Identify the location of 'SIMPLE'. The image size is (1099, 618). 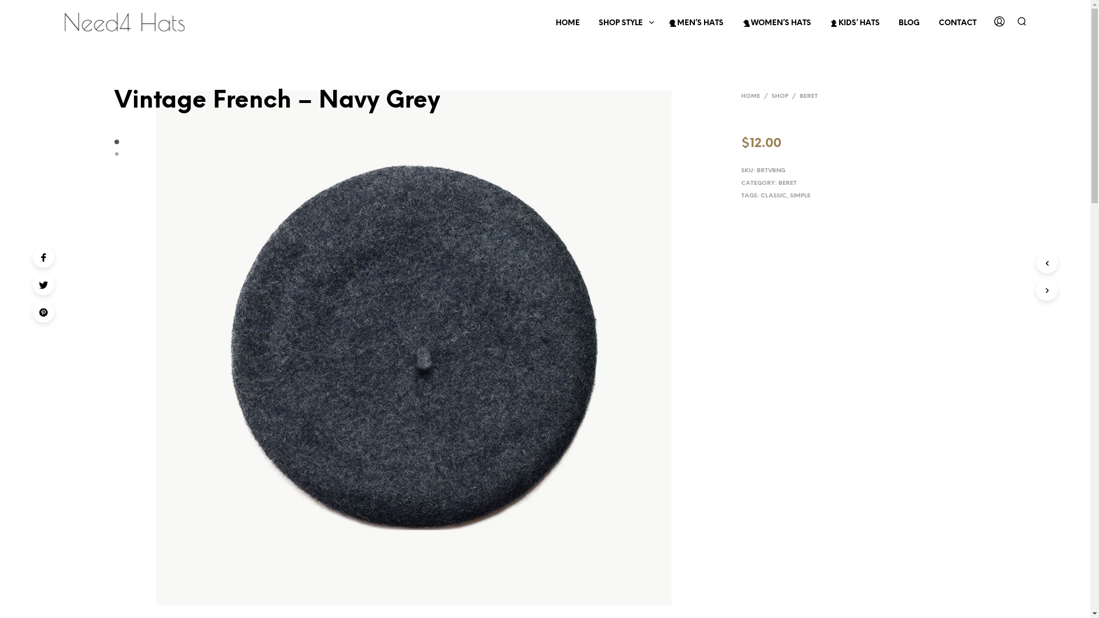
(799, 195).